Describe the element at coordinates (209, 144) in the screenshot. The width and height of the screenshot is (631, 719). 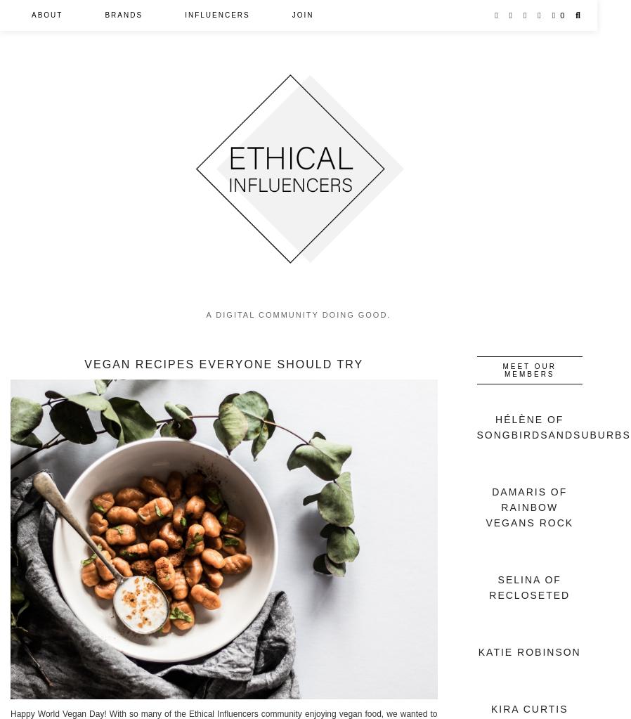
I see `'Petitions'` at that location.